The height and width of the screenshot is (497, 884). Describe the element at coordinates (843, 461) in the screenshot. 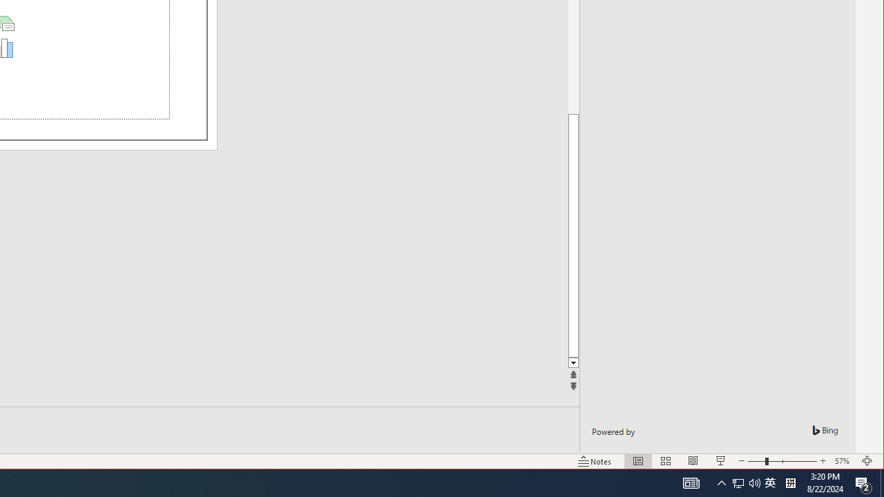

I see `'Zoom 57%'` at that location.